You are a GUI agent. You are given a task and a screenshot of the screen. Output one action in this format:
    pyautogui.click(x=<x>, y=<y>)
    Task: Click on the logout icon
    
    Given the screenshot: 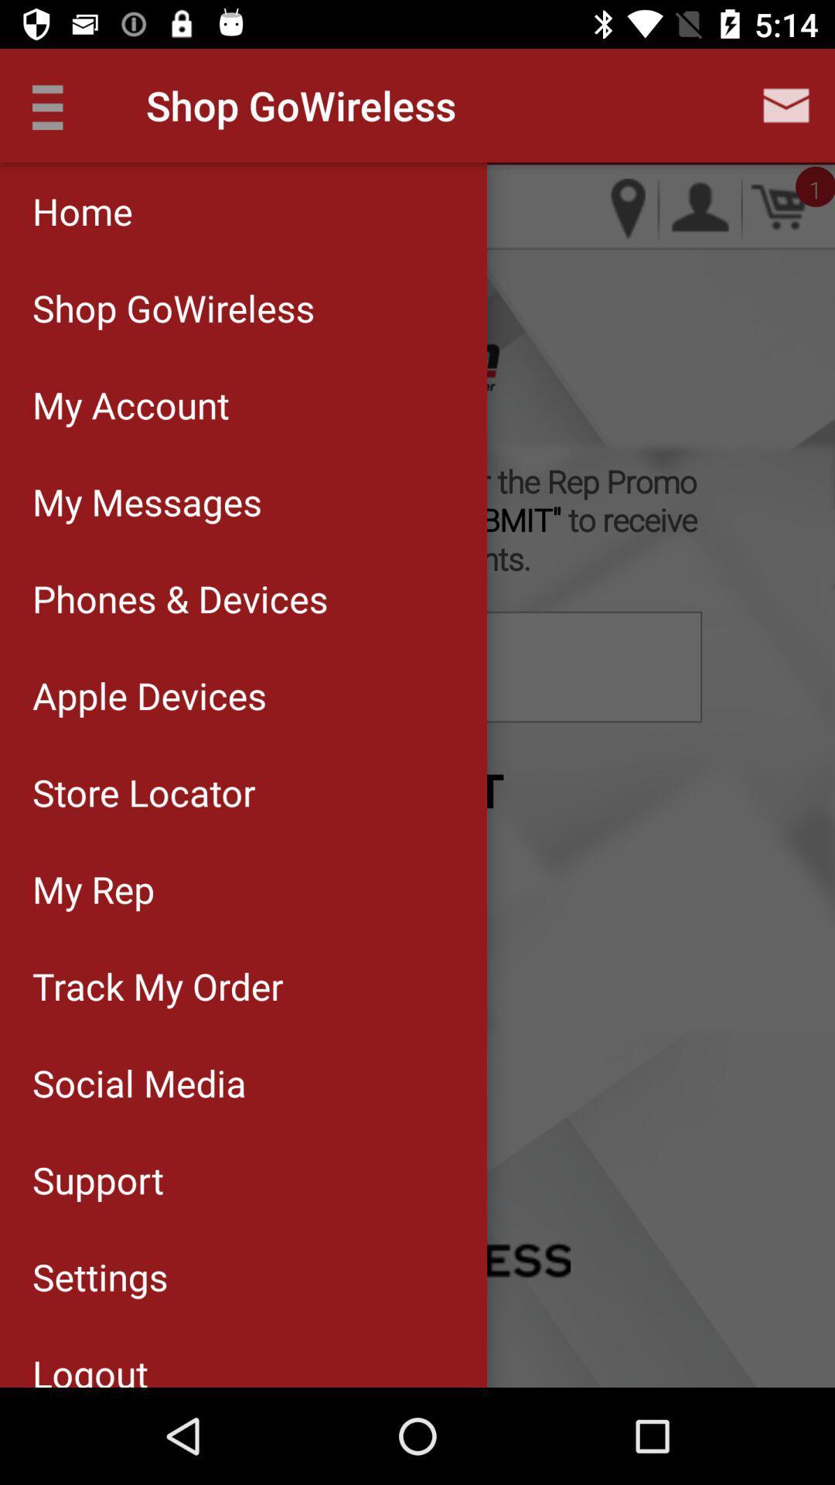 What is the action you would take?
    pyautogui.click(x=244, y=1355)
    